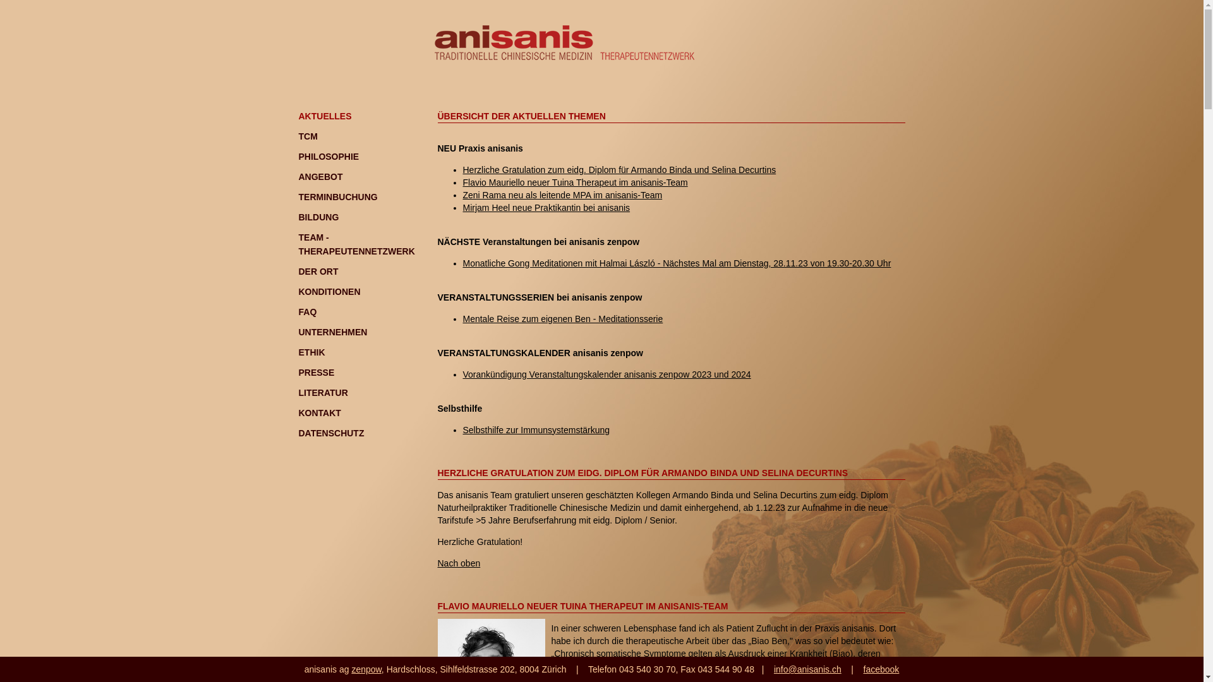 The width and height of the screenshot is (1213, 682). What do you see at coordinates (307, 311) in the screenshot?
I see `'FAQ'` at bounding box center [307, 311].